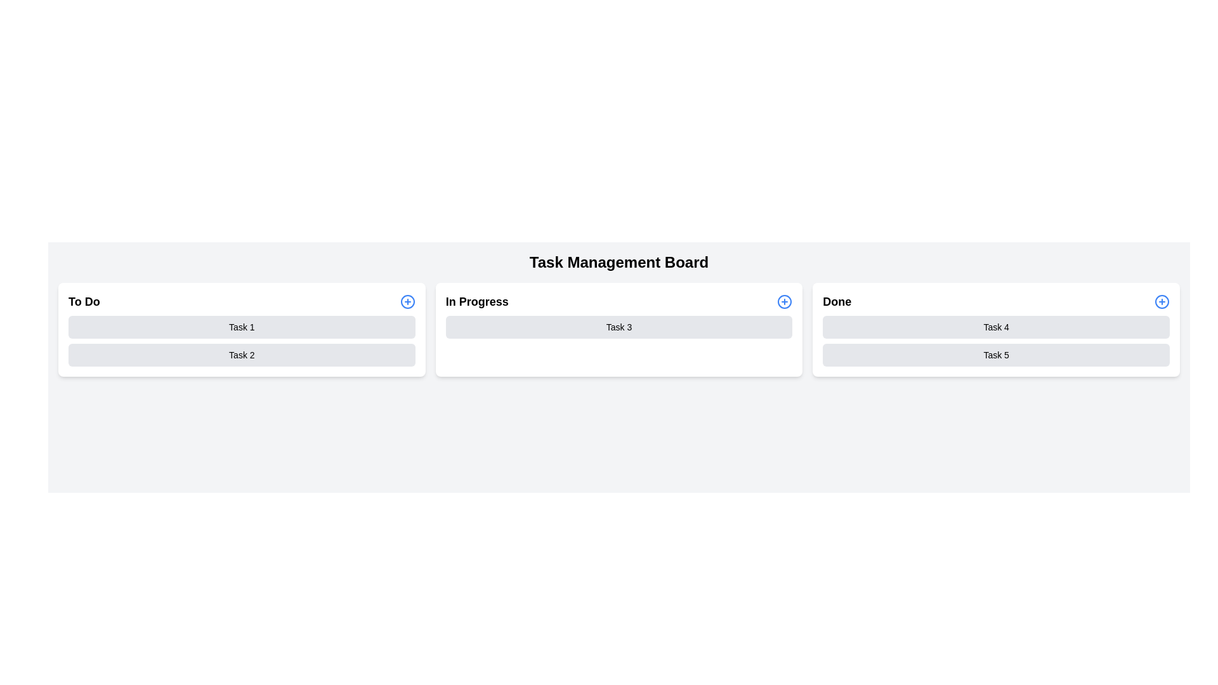 The image size is (1218, 685). Describe the element at coordinates (1162, 301) in the screenshot. I see `the circular icon with a blue outline, which is part of the 'Add Task' button in the 'Done' column of the task management board interface` at that location.